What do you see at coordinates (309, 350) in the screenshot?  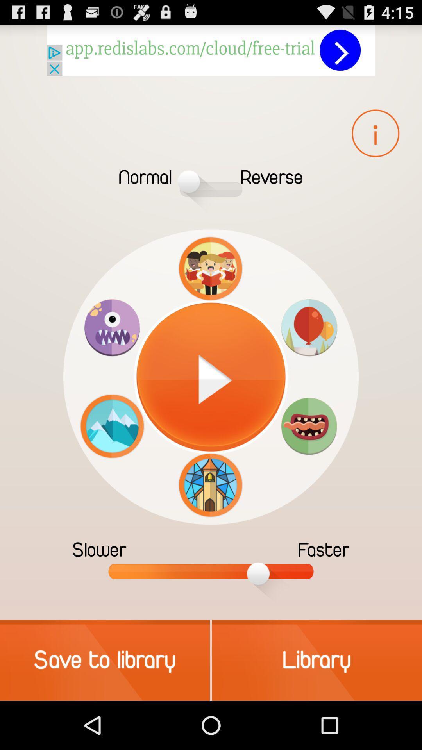 I see `the location icon` at bounding box center [309, 350].